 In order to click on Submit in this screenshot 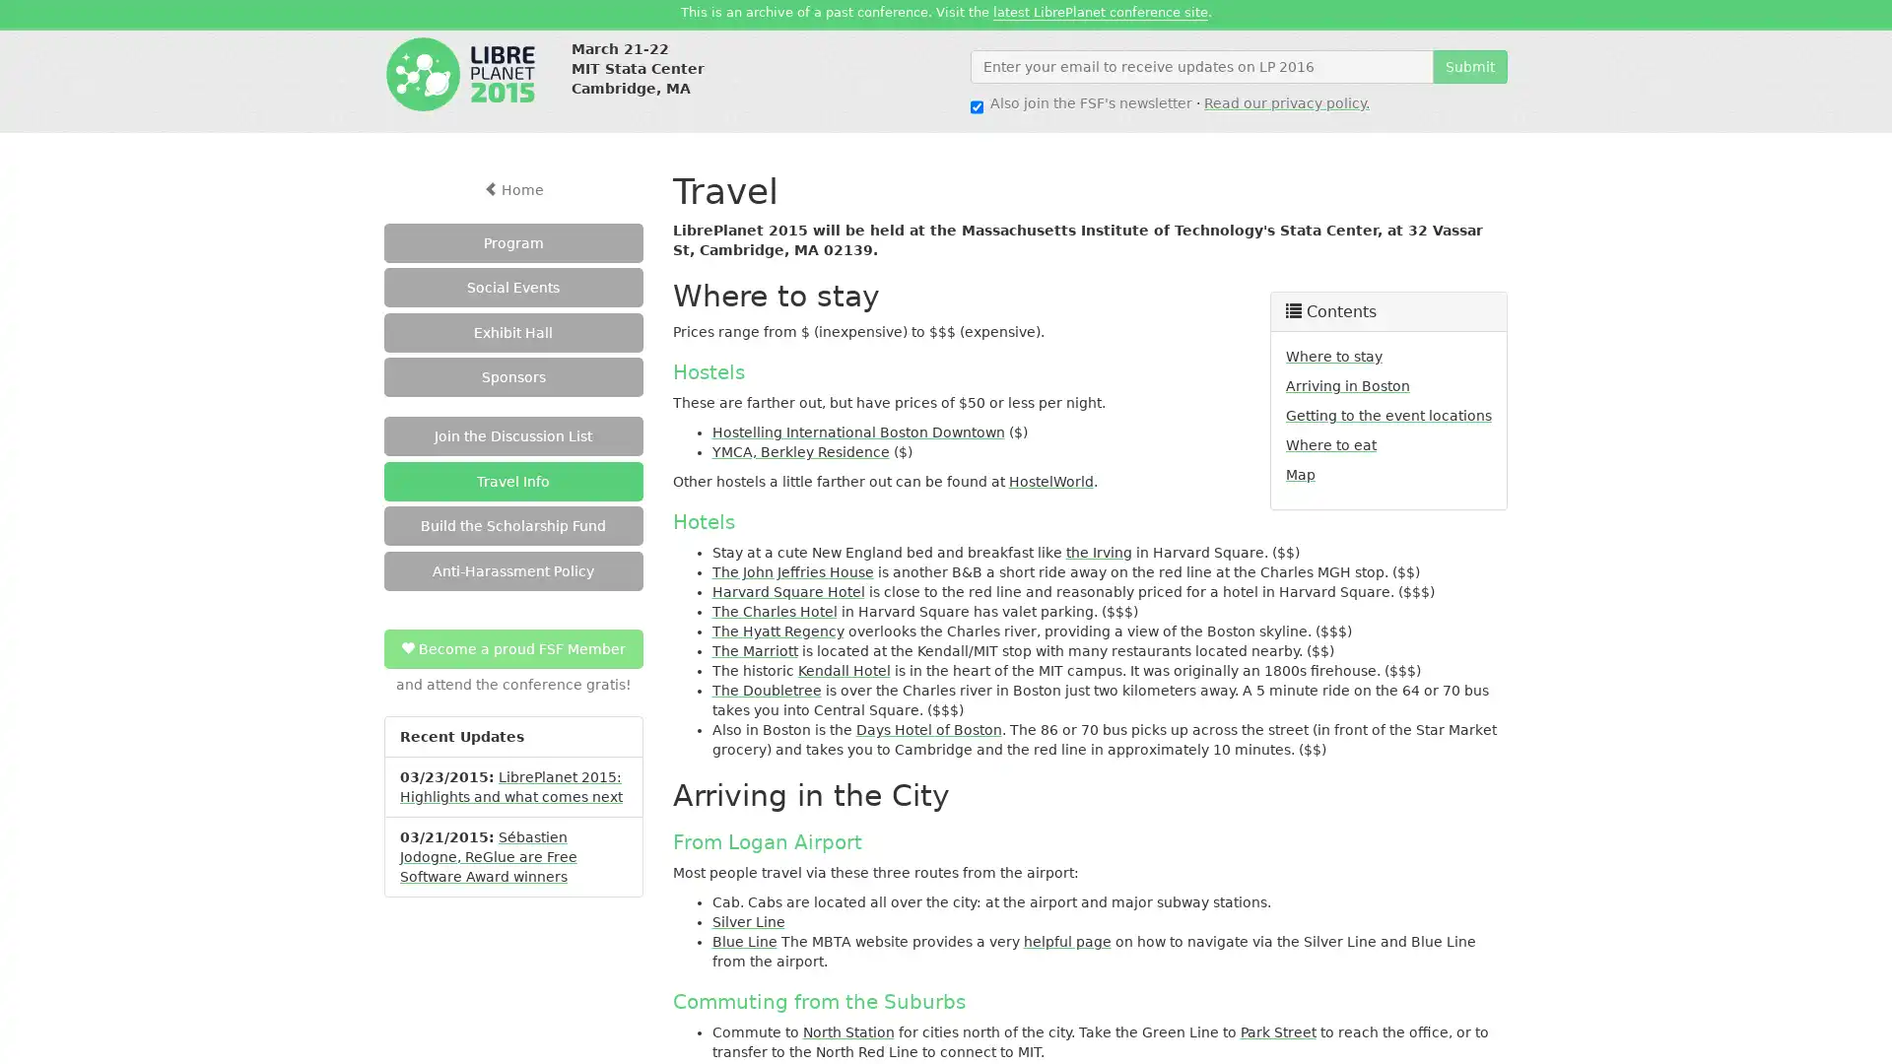, I will do `click(1470, 64)`.